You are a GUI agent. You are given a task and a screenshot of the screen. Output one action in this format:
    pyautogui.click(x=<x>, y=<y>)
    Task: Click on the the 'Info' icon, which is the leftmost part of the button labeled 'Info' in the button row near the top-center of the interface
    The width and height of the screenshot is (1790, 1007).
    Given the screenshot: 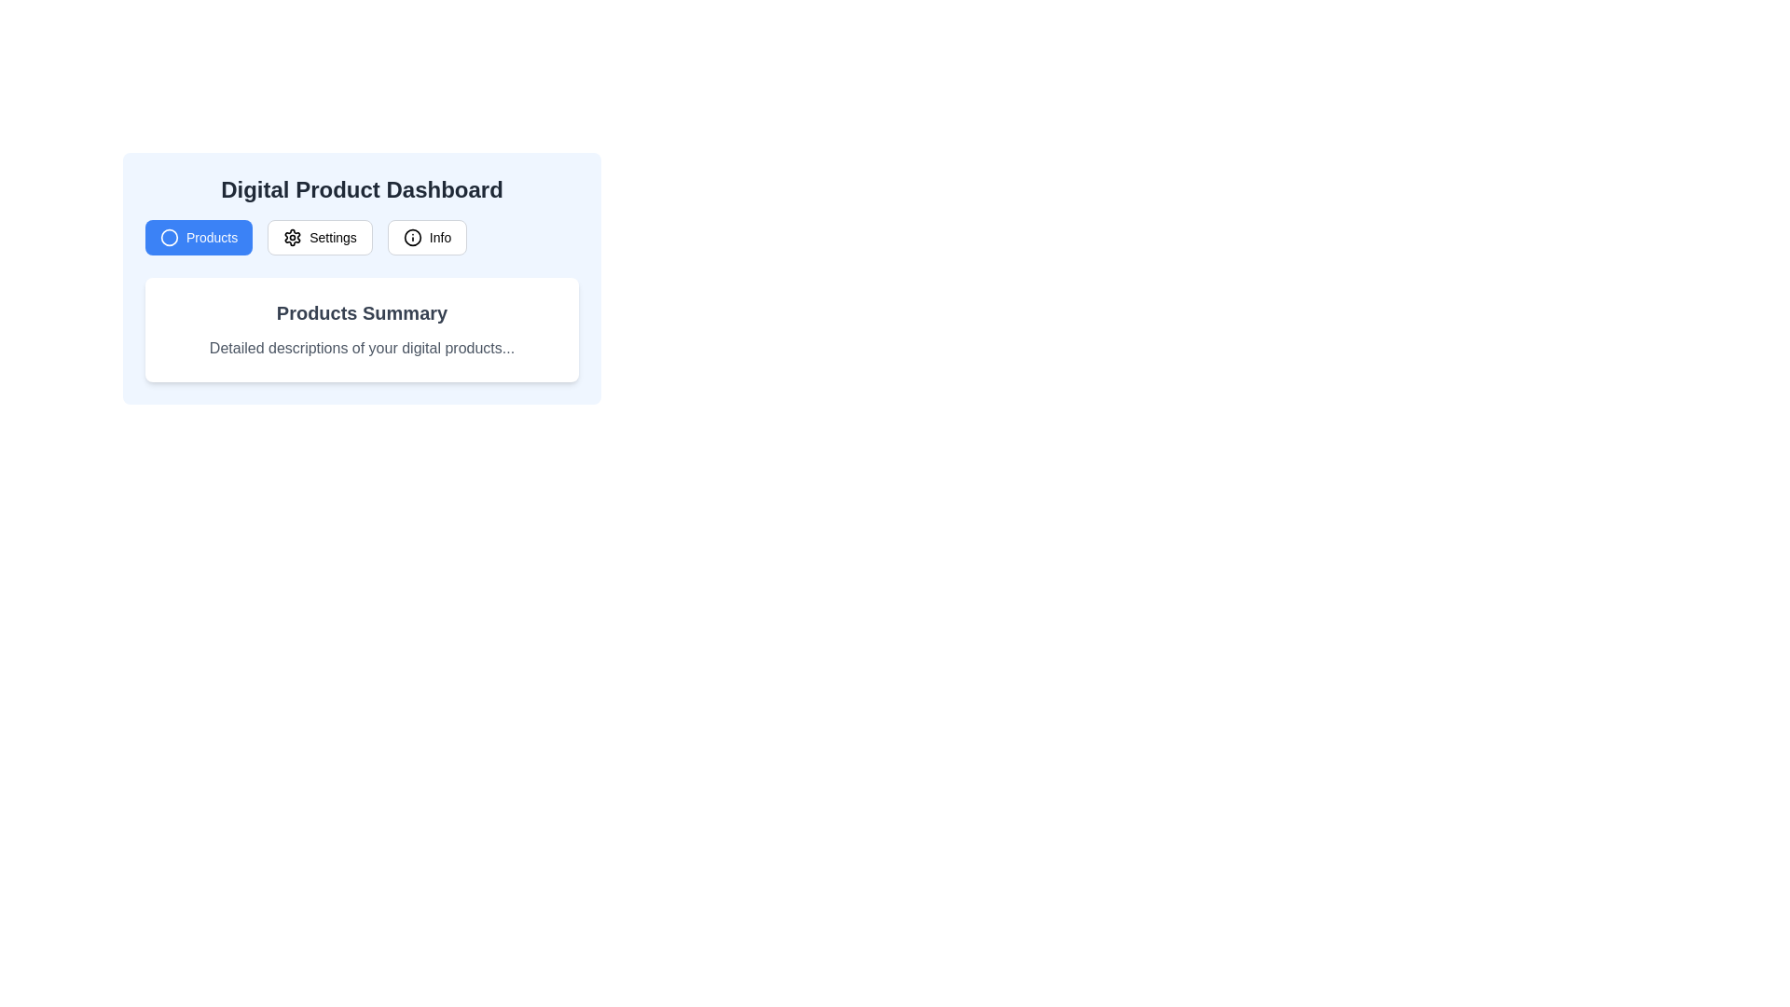 What is the action you would take?
    pyautogui.click(x=411, y=236)
    